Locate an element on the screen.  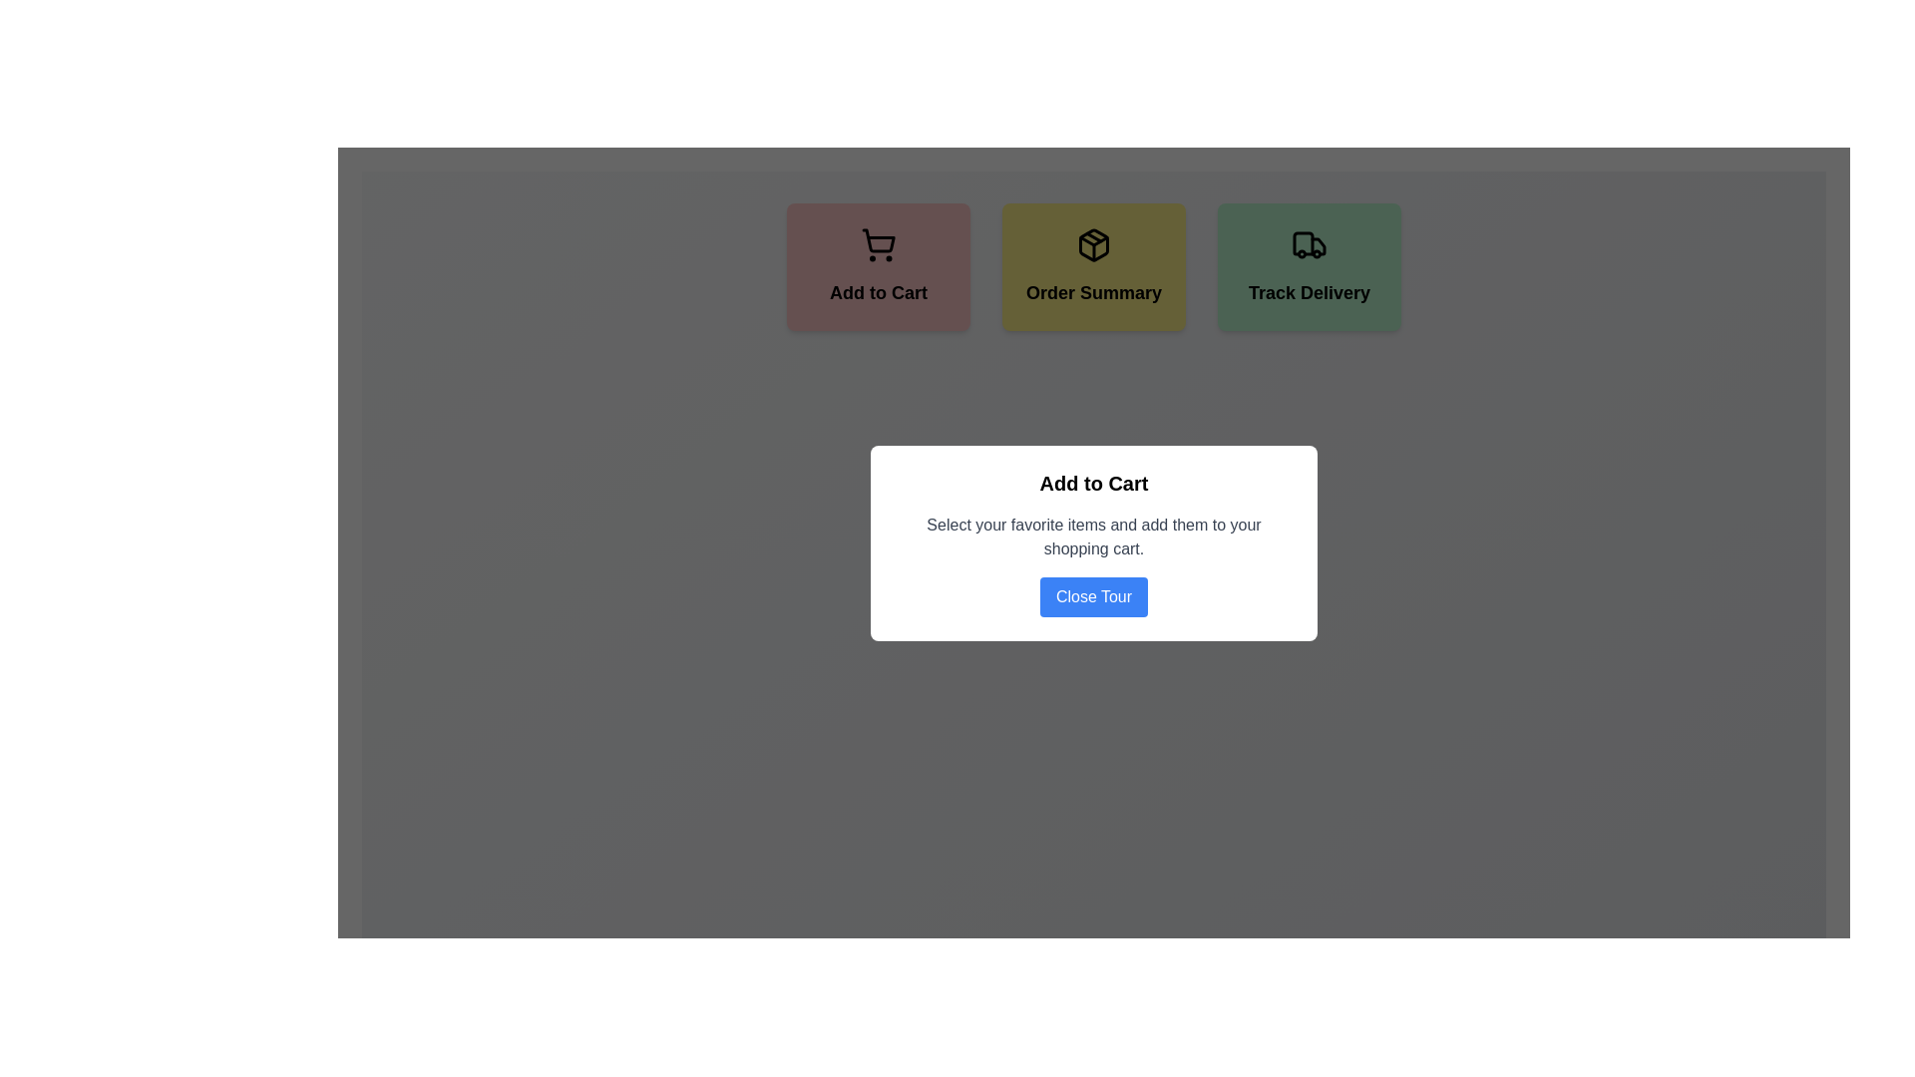
the cabin of the truck icon located in the green 'Track Delivery' button in the top-right section of the interface, which represents the delivery concept is located at coordinates (1304, 242).